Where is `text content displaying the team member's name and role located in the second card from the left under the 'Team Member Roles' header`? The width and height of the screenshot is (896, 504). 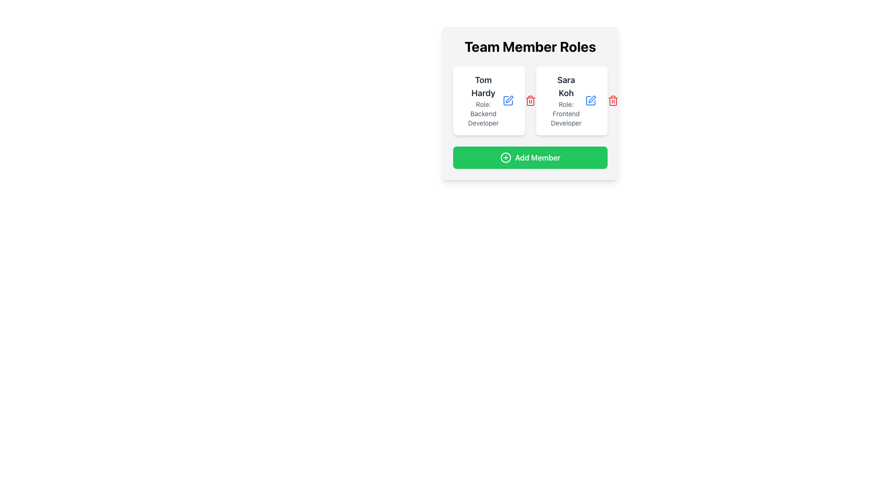 text content displaying the team member's name and role located in the second card from the left under the 'Team Member Roles' header is located at coordinates (566, 101).